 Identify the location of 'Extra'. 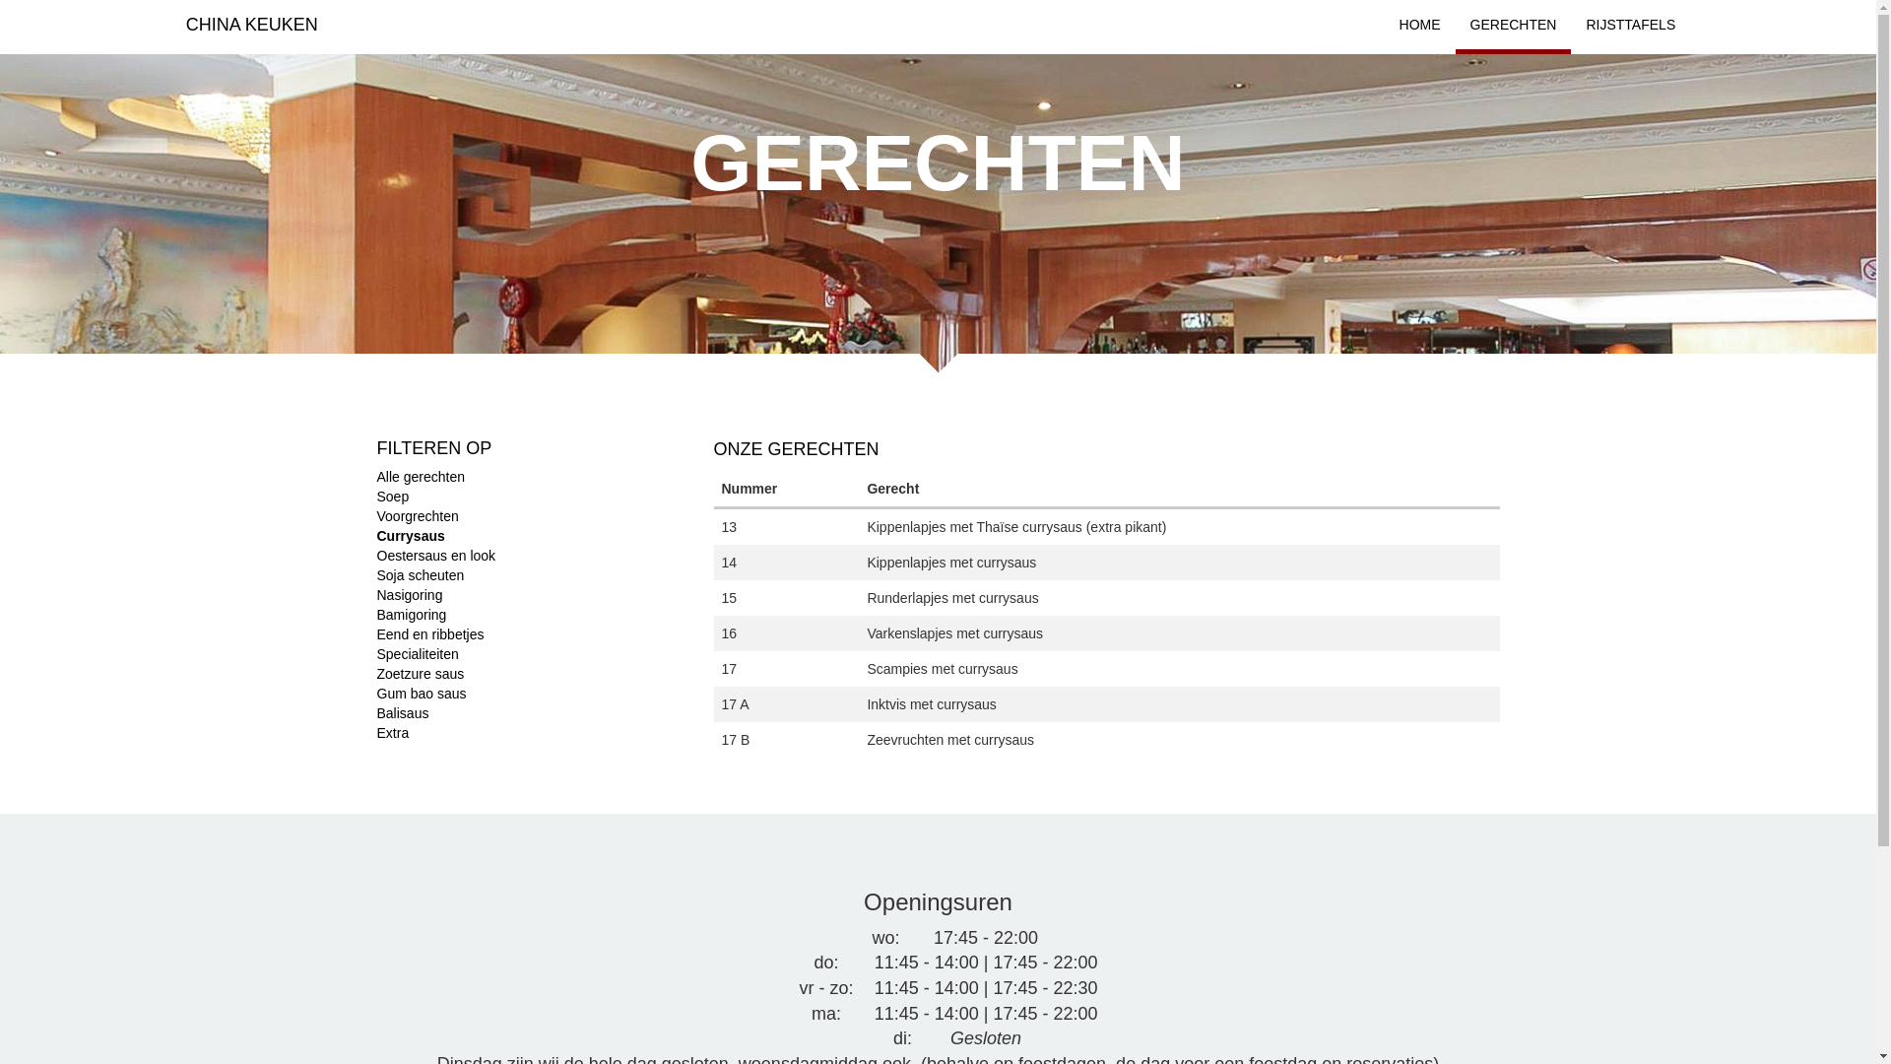
(392, 733).